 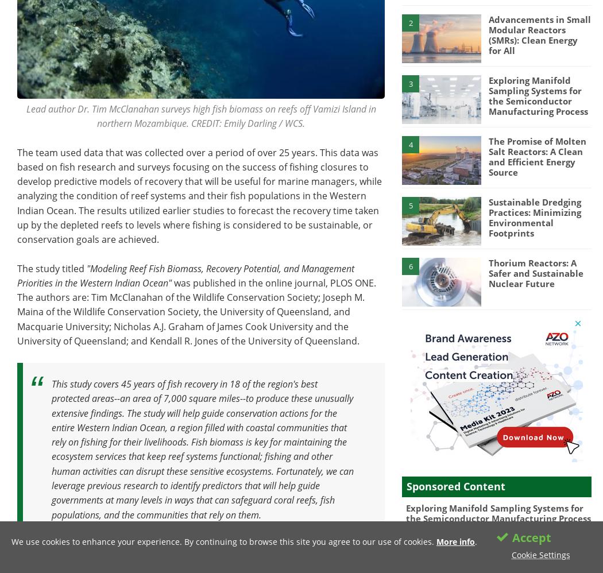 What do you see at coordinates (185, 274) in the screenshot?
I see `'"Modeling Reef Fish Biomass, Recovery Potential, and Management Priorities in the Western Indian Ocean"'` at bounding box center [185, 274].